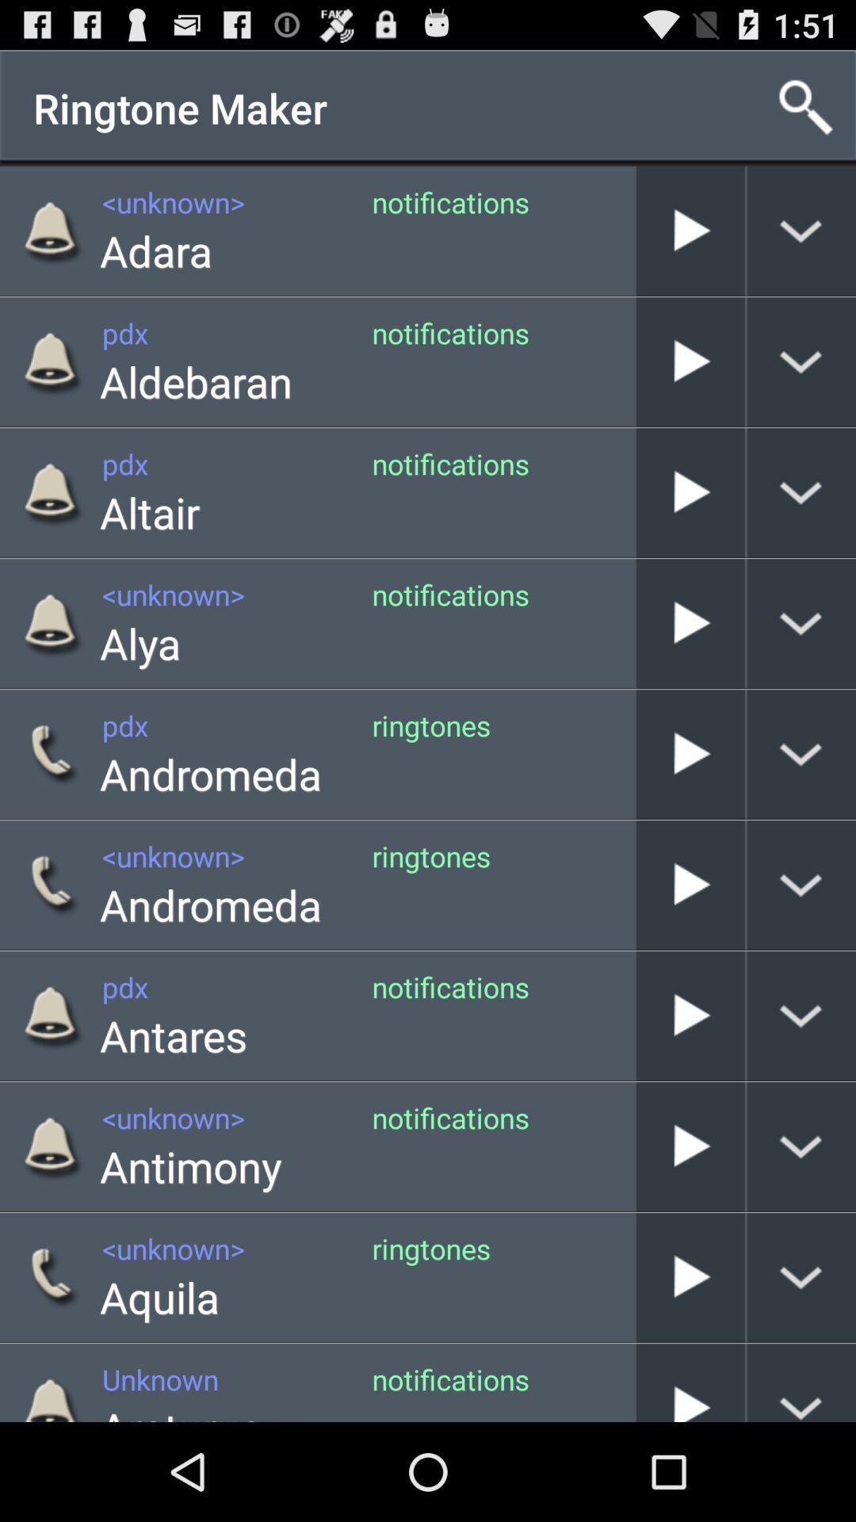 The width and height of the screenshot is (856, 1522). I want to click on play, so click(690, 361).